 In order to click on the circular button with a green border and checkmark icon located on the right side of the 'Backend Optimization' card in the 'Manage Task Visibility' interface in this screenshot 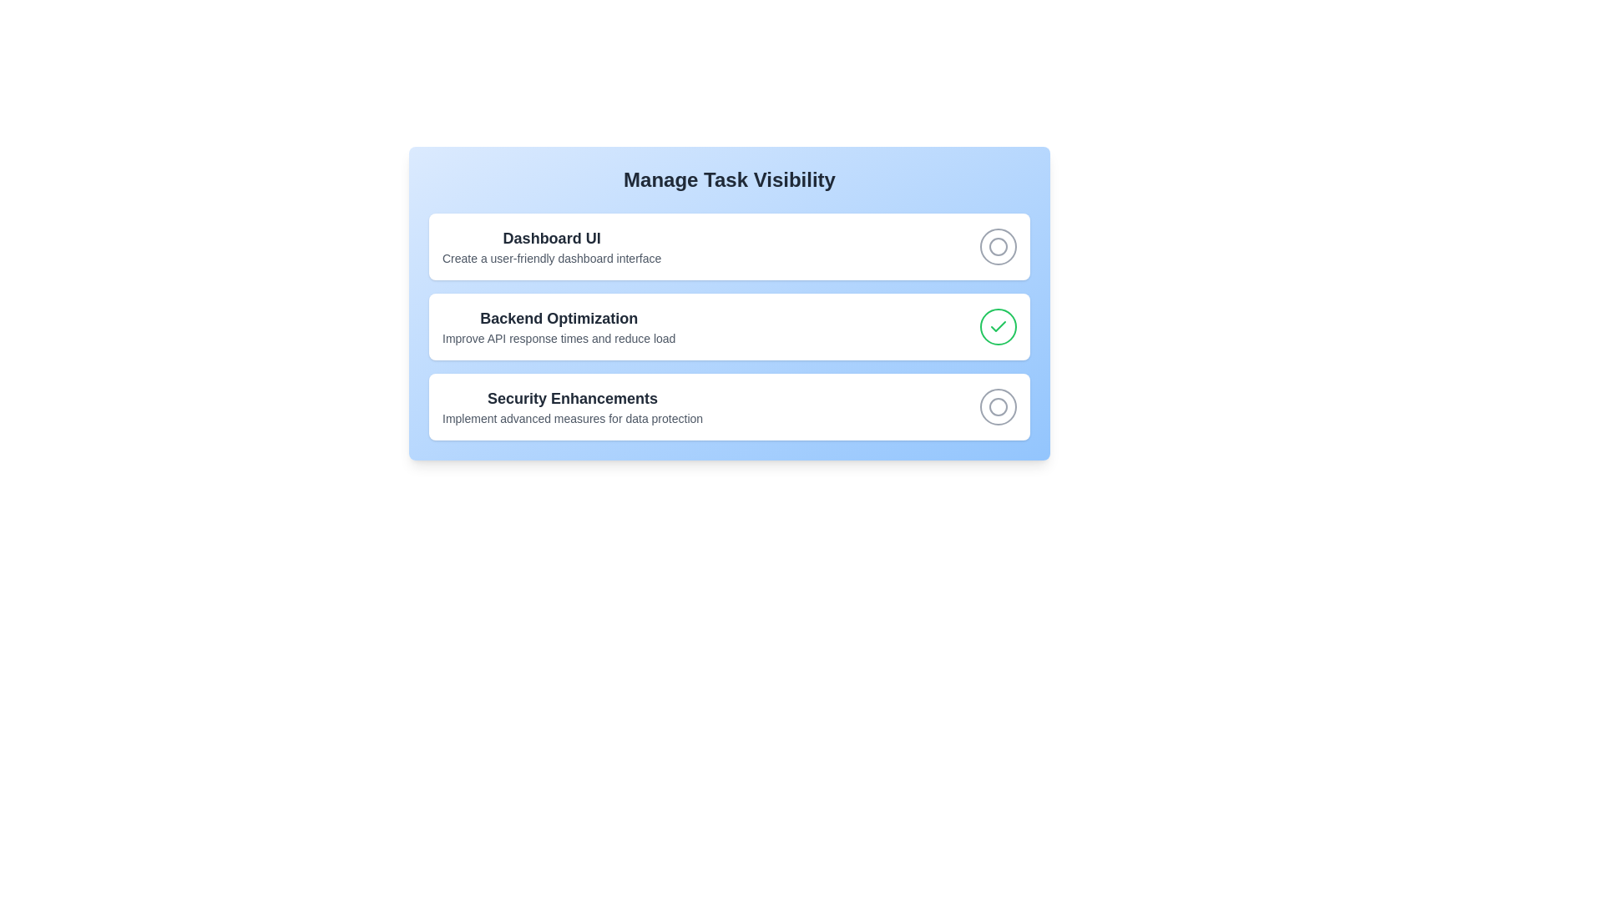, I will do `click(998, 327)`.